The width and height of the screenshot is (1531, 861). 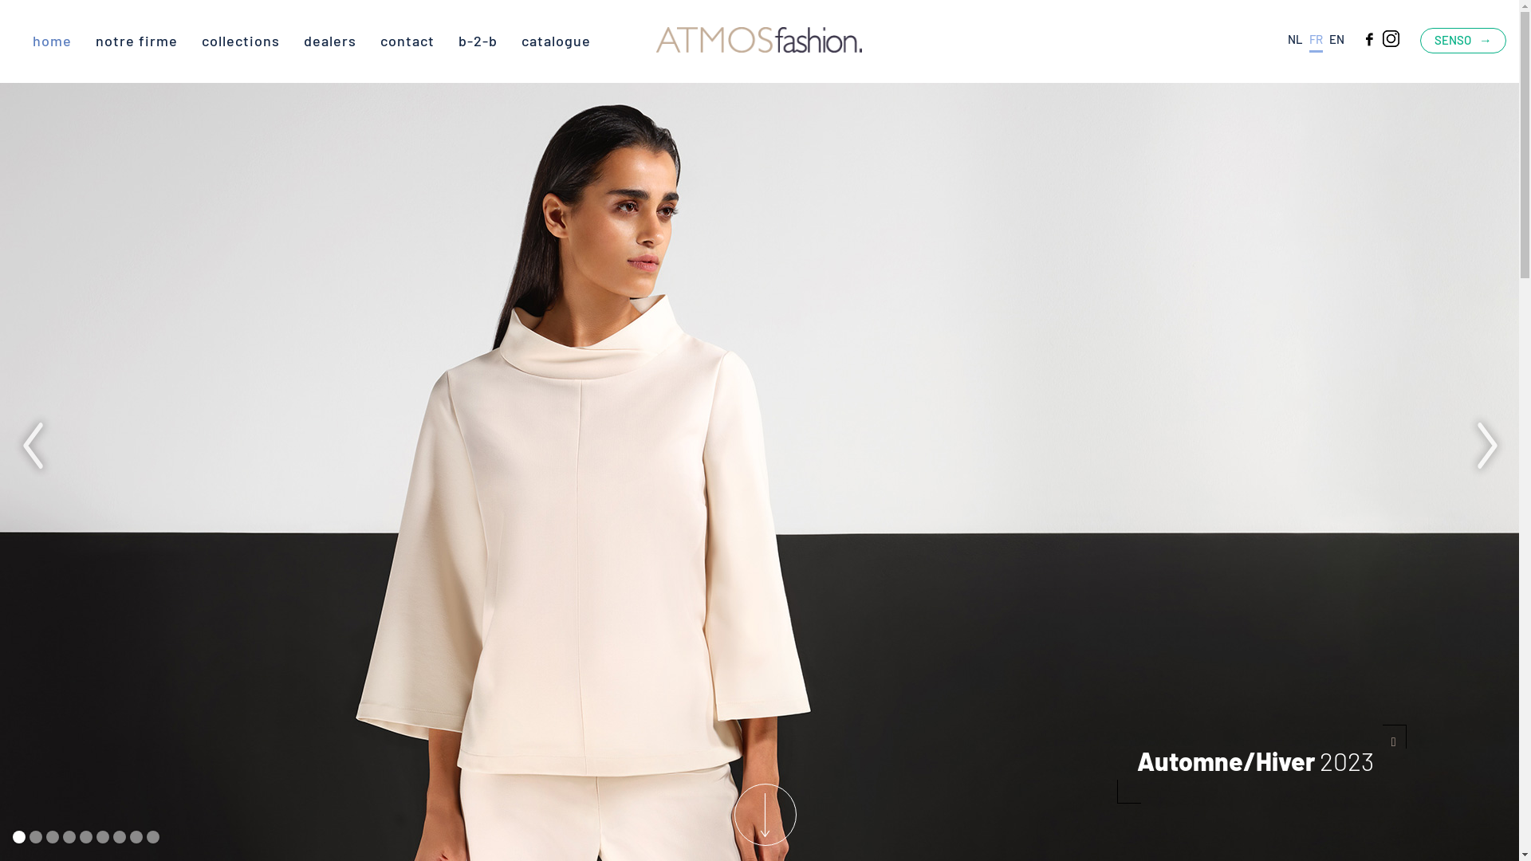 What do you see at coordinates (1336, 38) in the screenshot?
I see `'EN'` at bounding box center [1336, 38].